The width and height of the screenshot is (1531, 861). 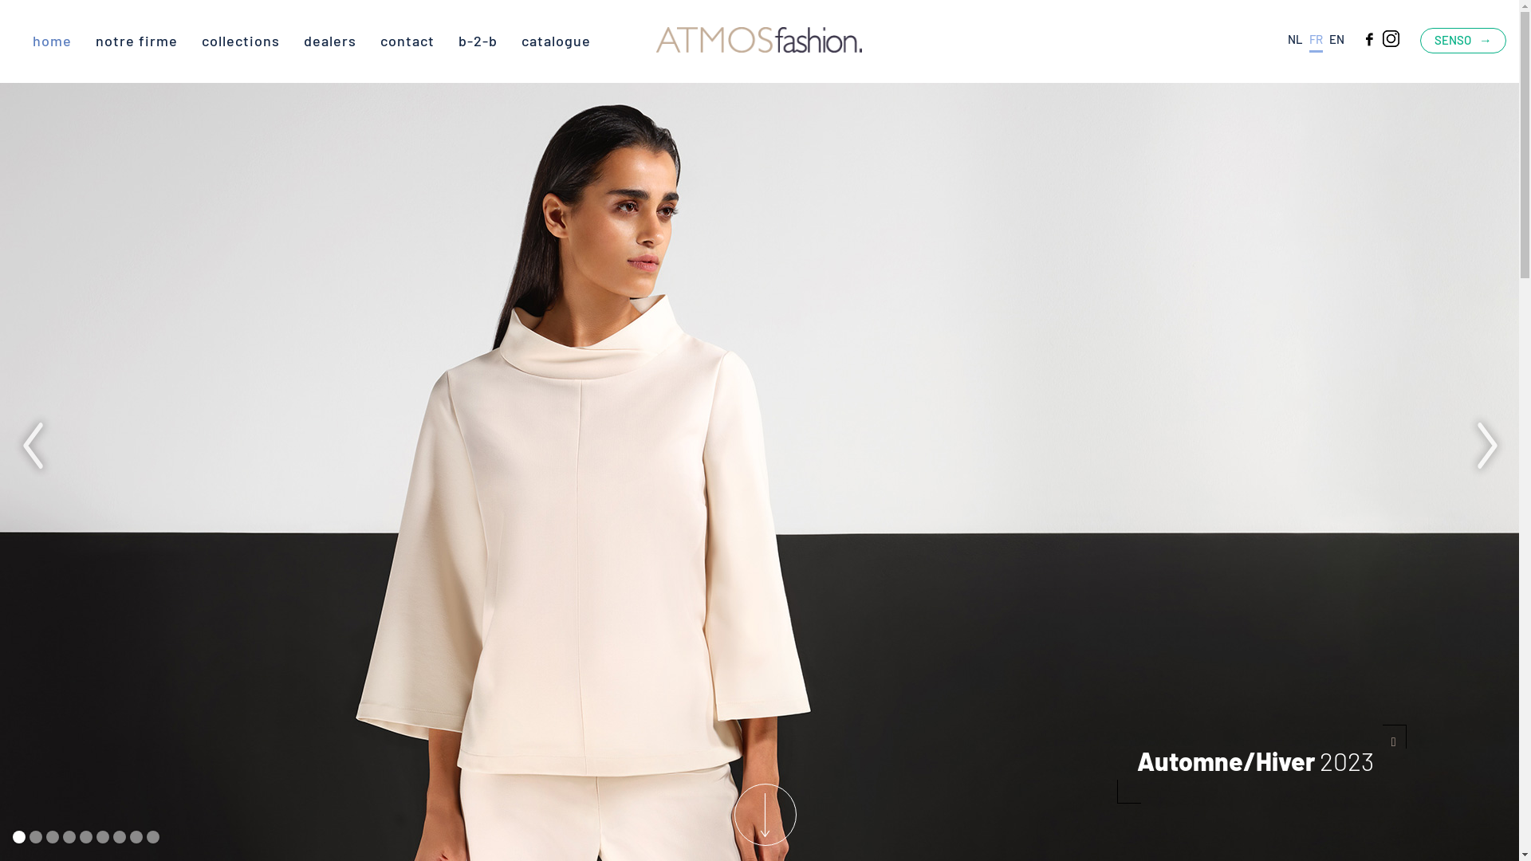 What do you see at coordinates (1336, 38) in the screenshot?
I see `'EN'` at bounding box center [1336, 38].